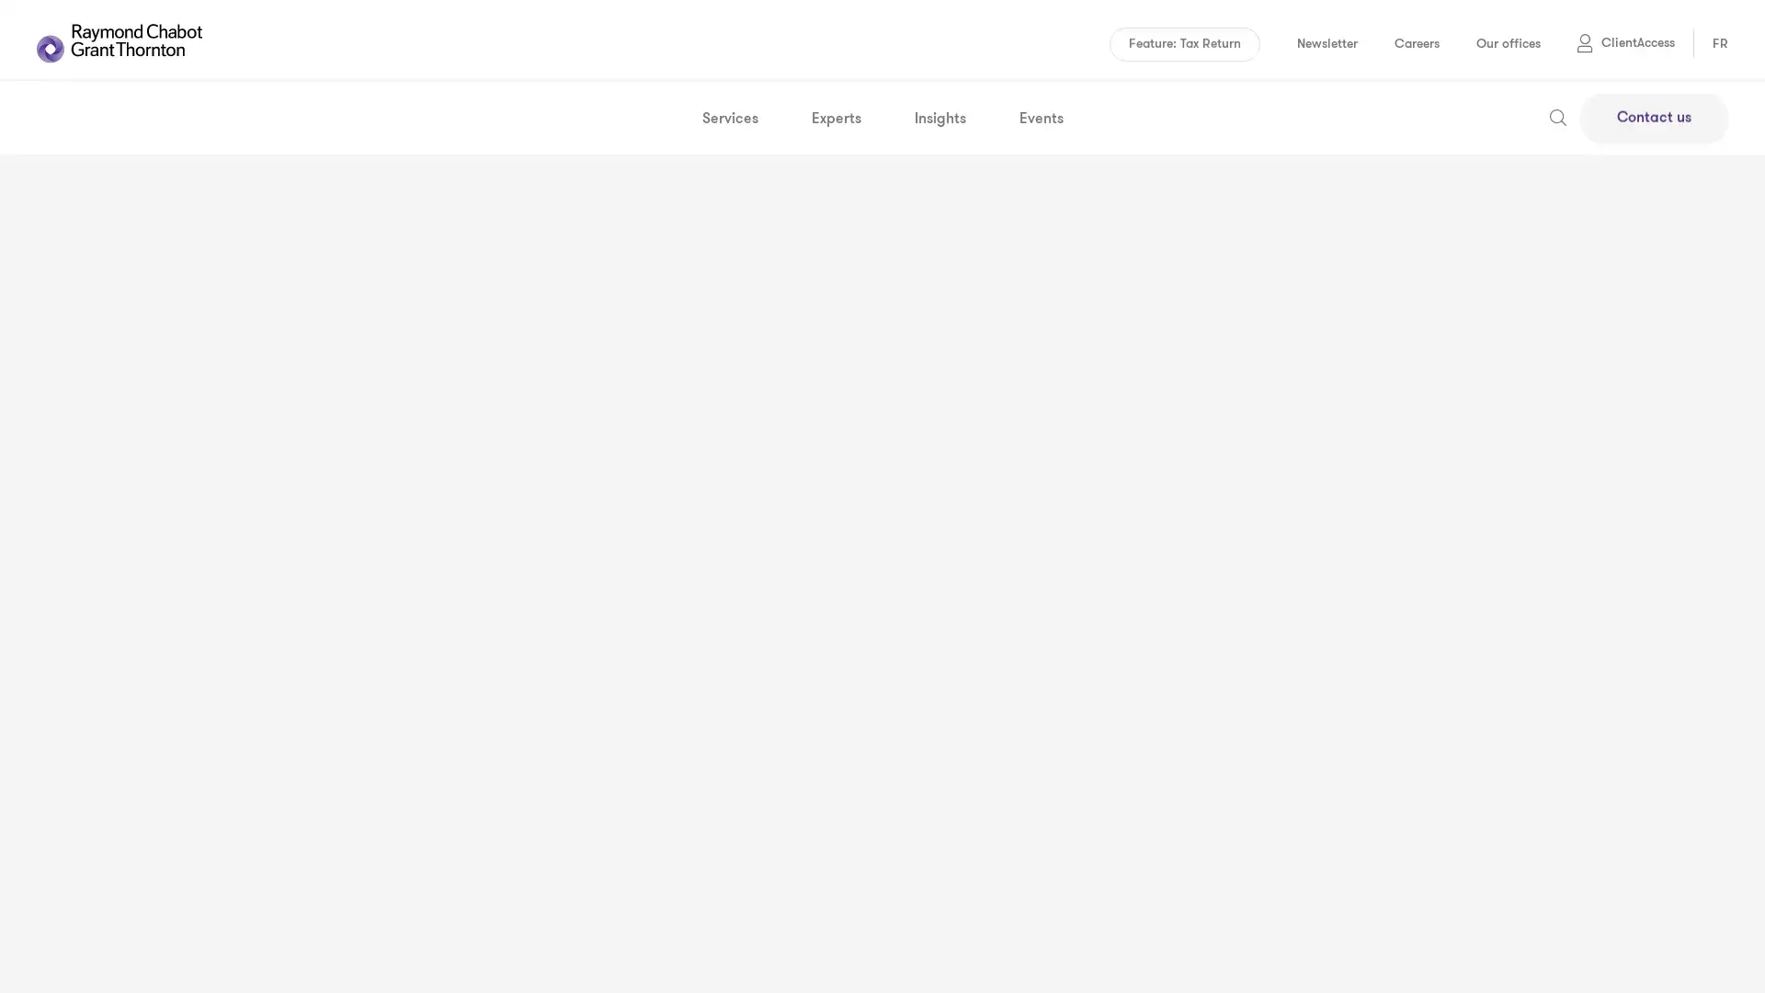  What do you see at coordinates (1556, 112) in the screenshot?
I see `Search in the website - Desktop` at bounding box center [1556, 112].